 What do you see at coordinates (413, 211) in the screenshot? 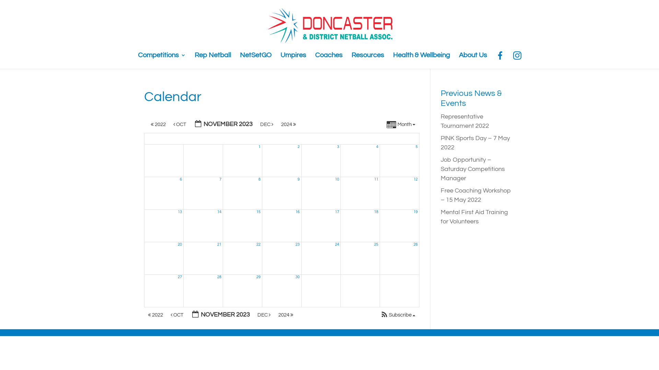
I see `'19'` at bounding box center [413, 211].